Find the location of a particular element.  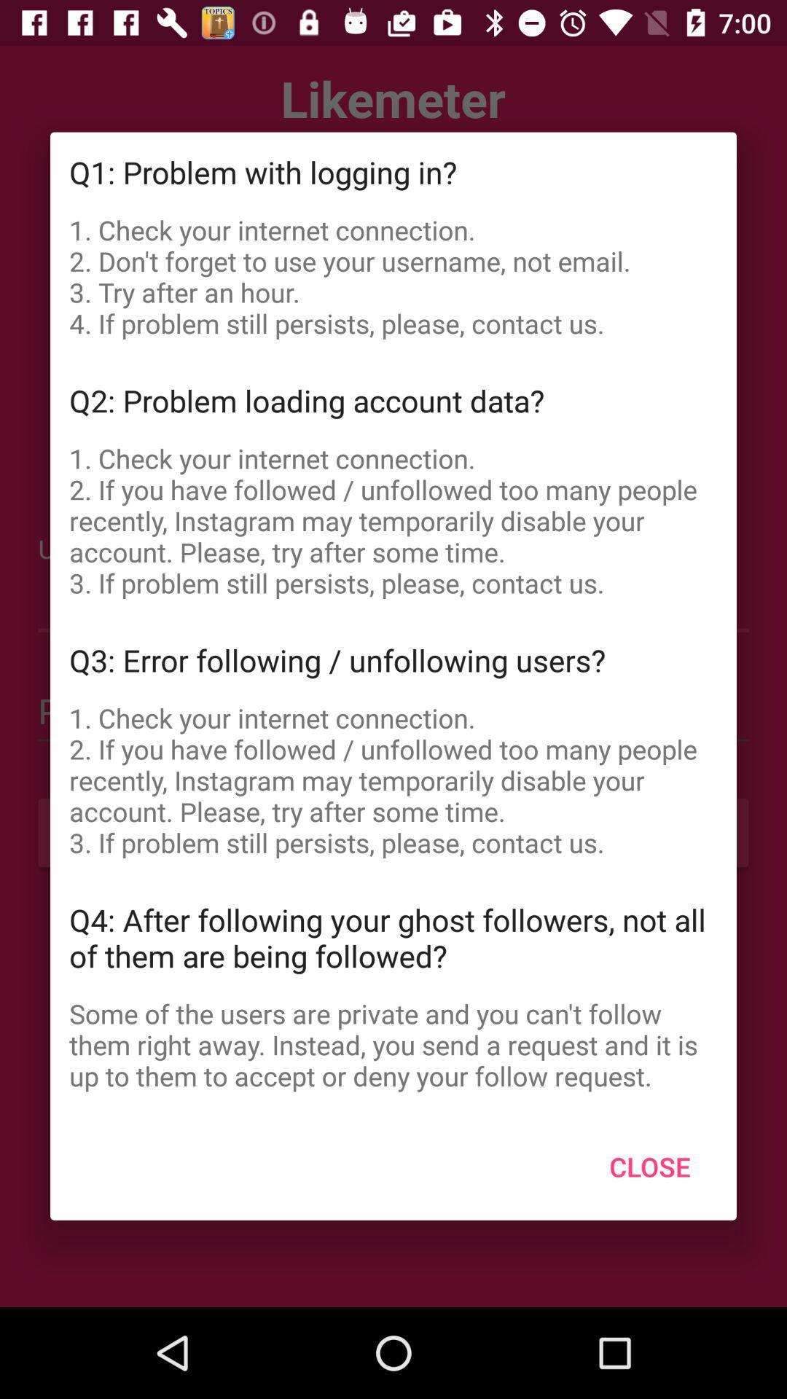

close at the bottom right corner is located at coordinates (649, 1167).